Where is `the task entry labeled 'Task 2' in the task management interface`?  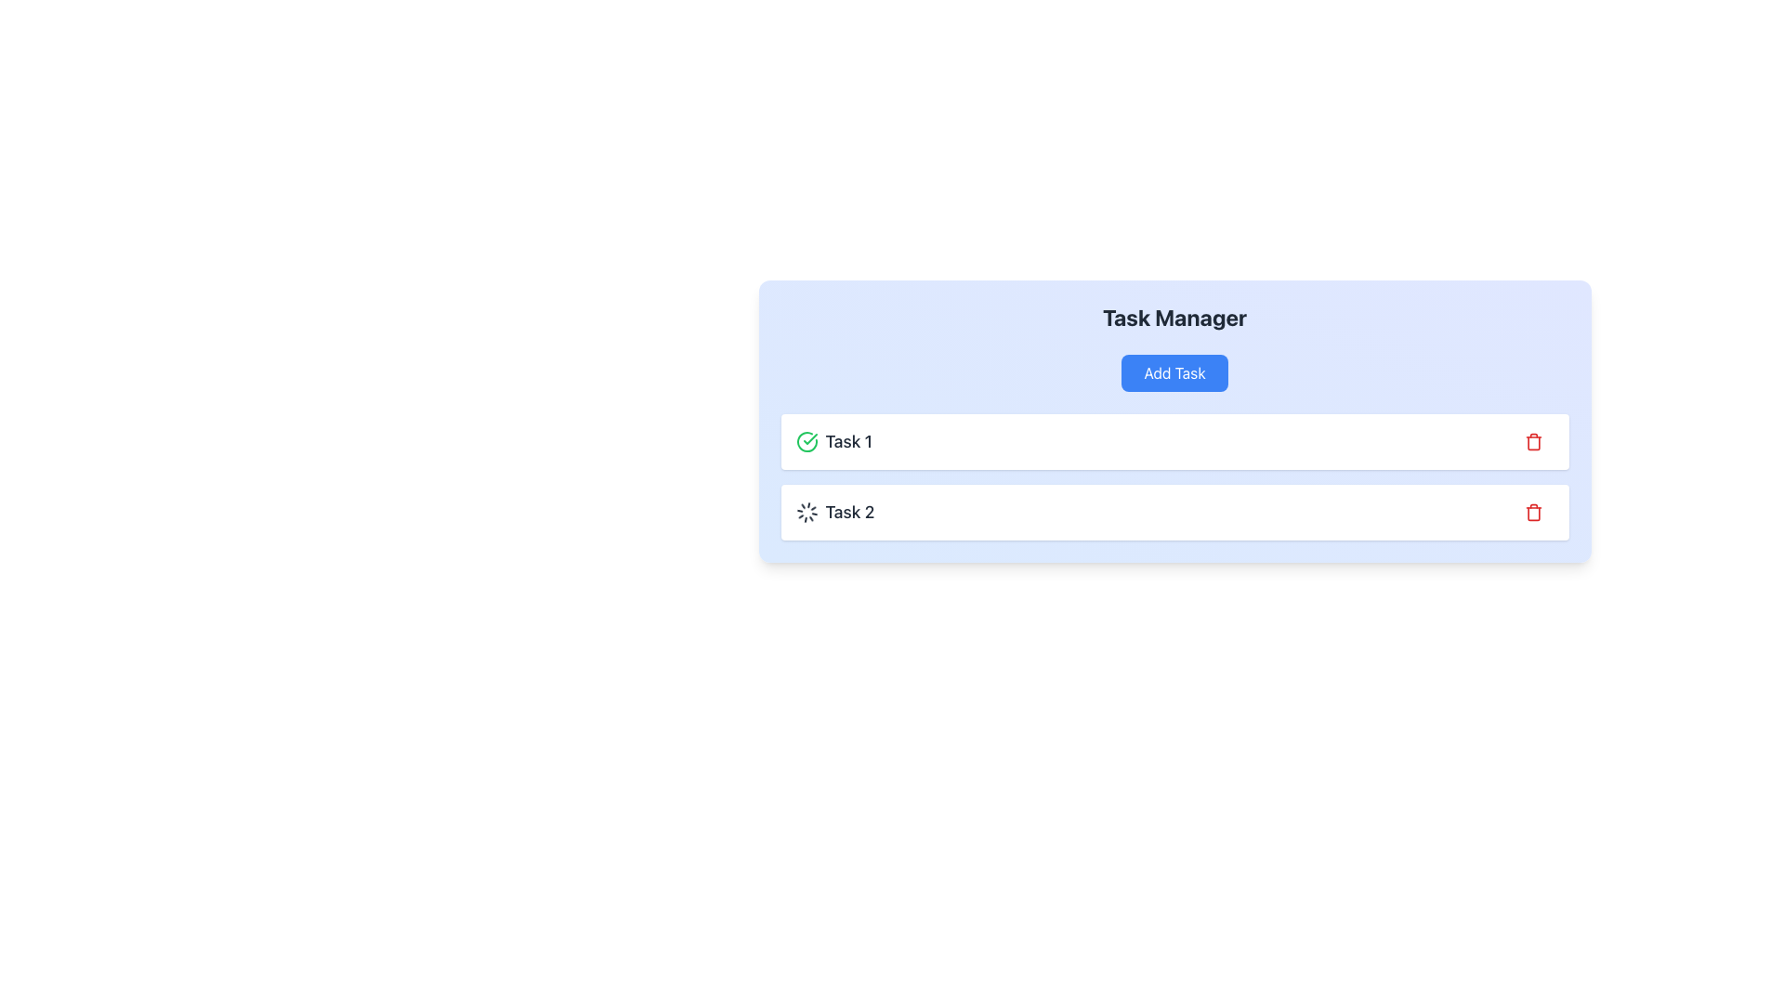 the task entry labeled 'Task 2' in the task management interface is located at coordinates (1174, 512).